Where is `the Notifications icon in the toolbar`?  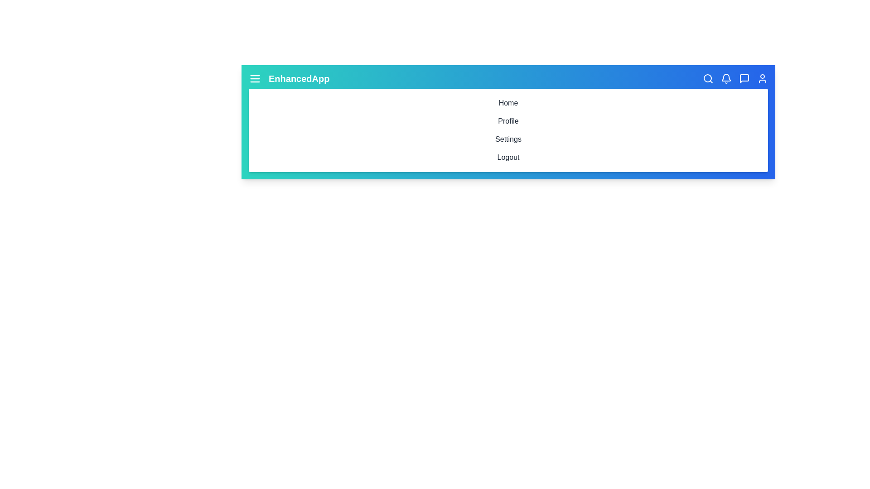
the Notifications icon in the toolbar is located at coordinates (726, 78).